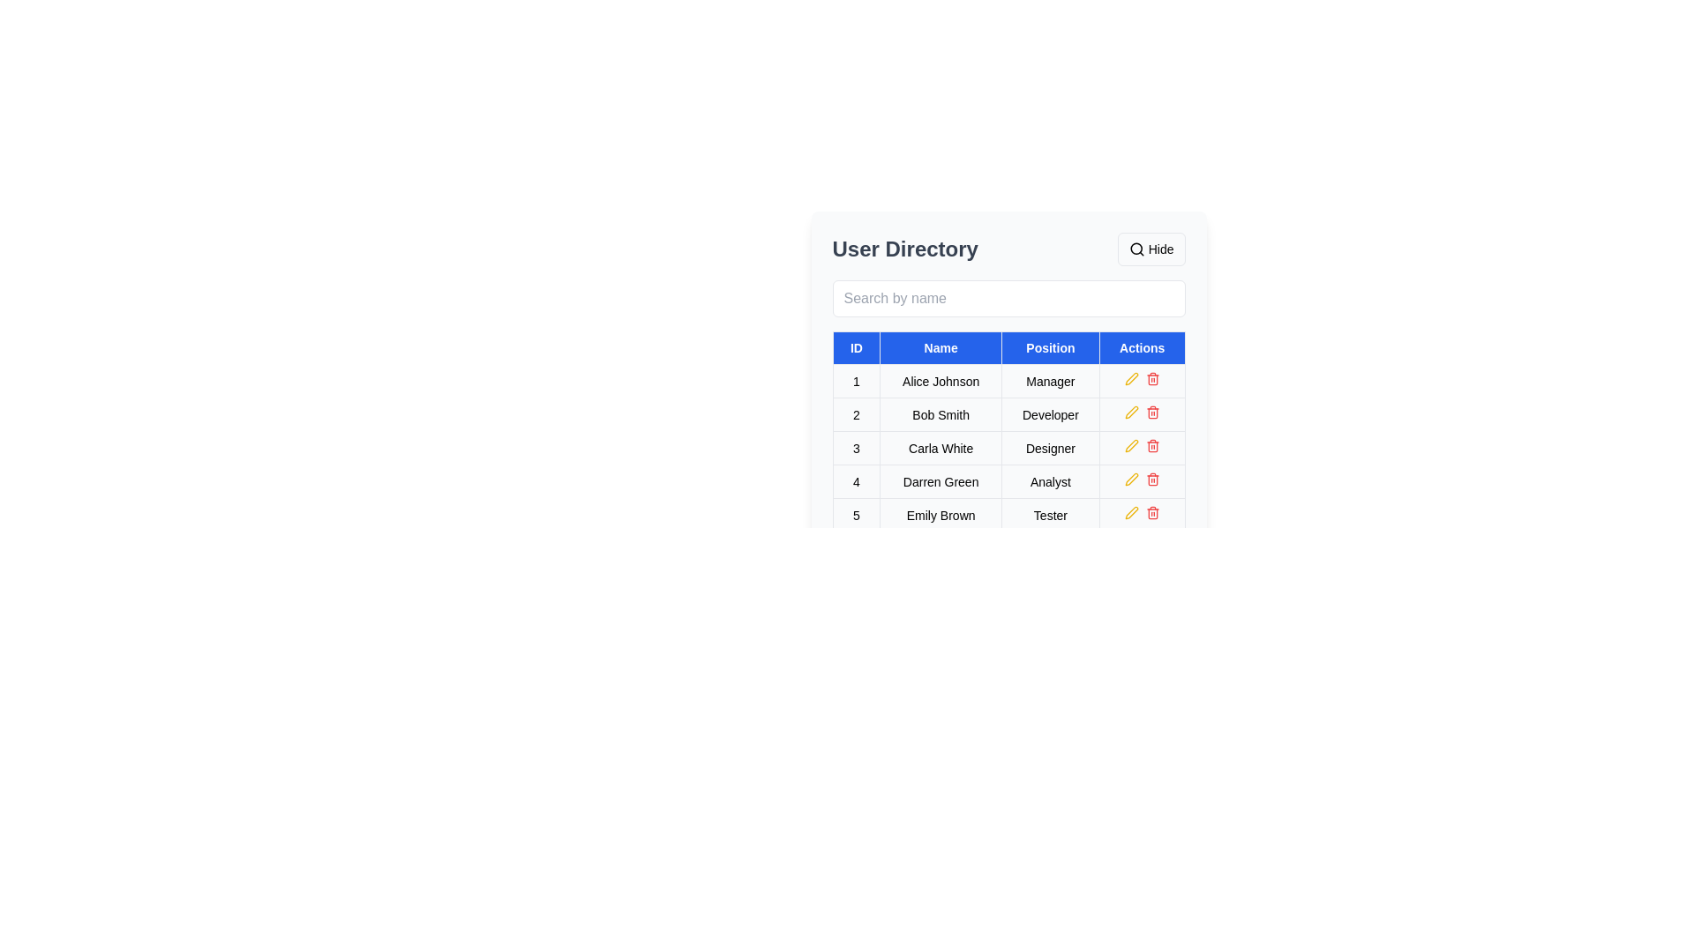 The image size is (1694, 952). Describe the element at coordinates (1050, 414) in the screenshot. I see `the text label indicating the job title of the user 'Bob Smith' in the 'Position' column of the table` at that location.